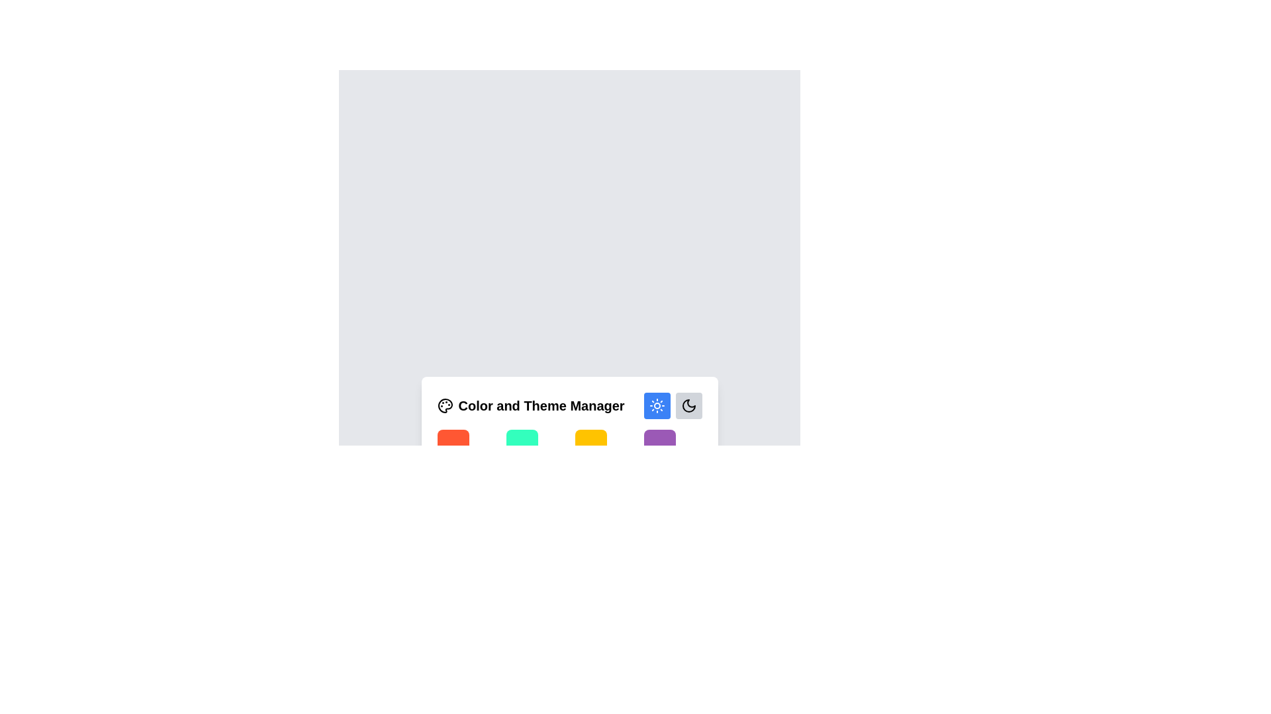 This screenshot has width=1271, height=714. Describe the element at coordinates (673, 405) in the screenshot. I see `the gray button with a black crescent moon icon` at that location.